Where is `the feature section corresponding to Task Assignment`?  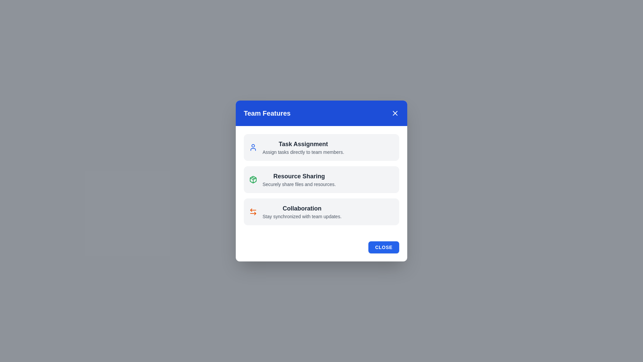 the feature section corresponding to Task Assignment is located at coordinates (321, 147).